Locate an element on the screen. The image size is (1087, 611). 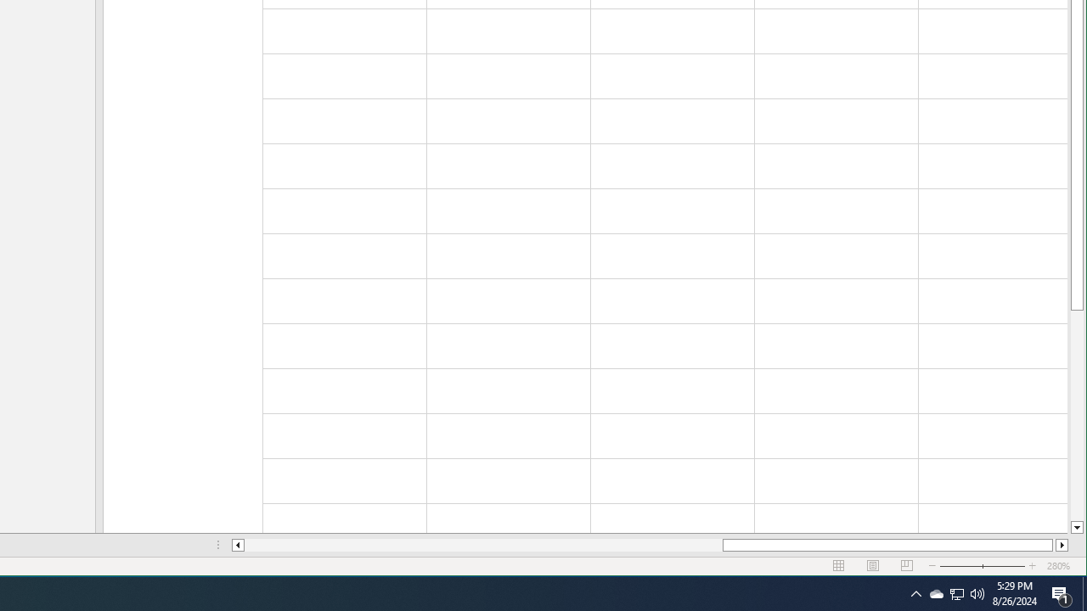
'Show desktop' is located at coordinates (1062, 592).